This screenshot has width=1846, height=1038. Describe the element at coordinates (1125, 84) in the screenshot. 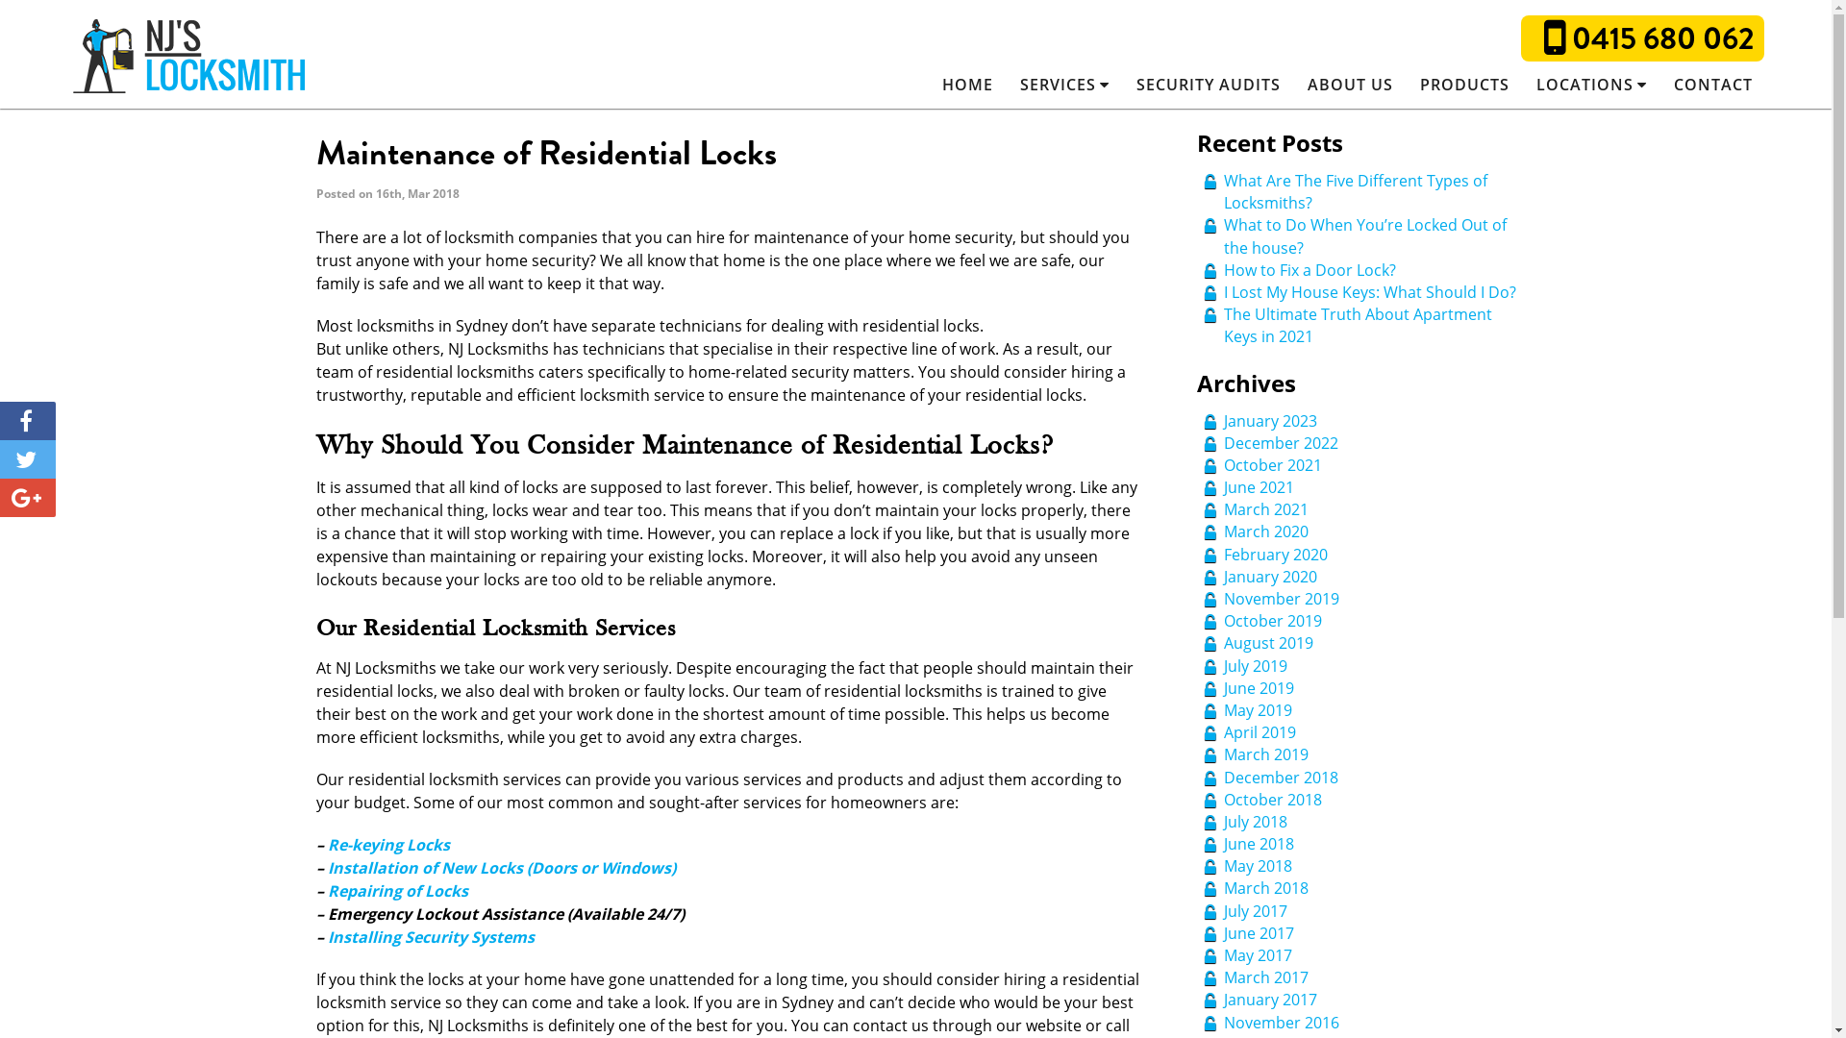

I see `'SECURITY AUDITS'` at that location.